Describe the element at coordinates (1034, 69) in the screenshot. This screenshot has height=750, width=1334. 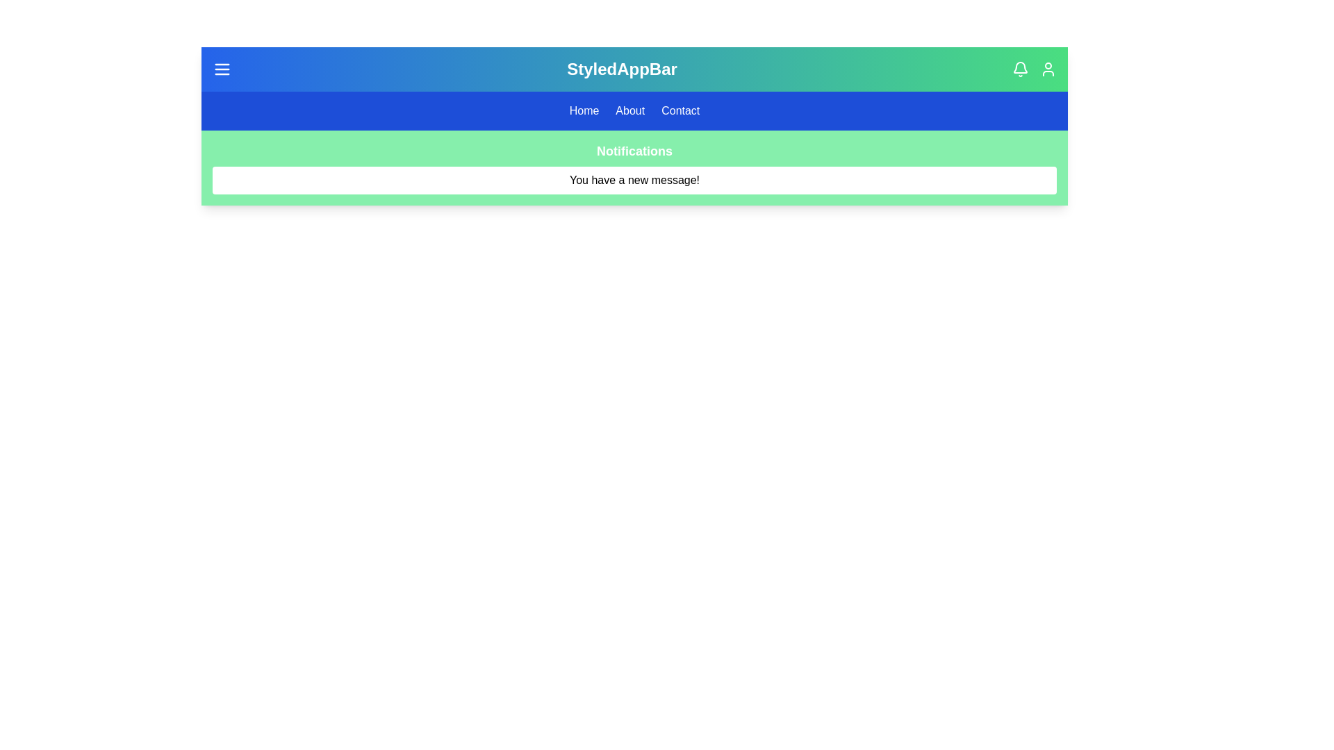
I see `the notifications icon located in the horizontal Icon Group at the top-right corner of the app bar` at that location.